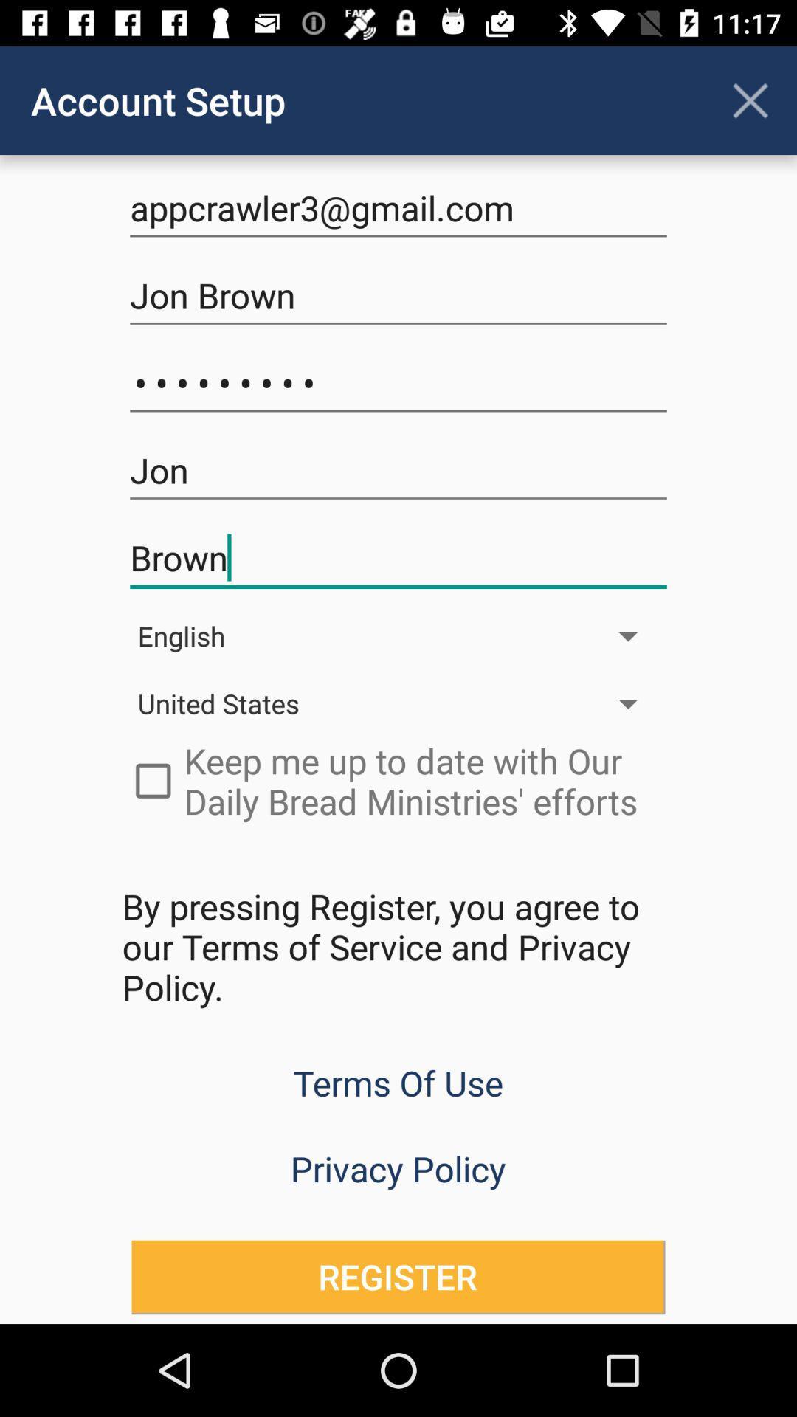  I want to click on the text field appcrawler3gmailcom, so click(398, 208).